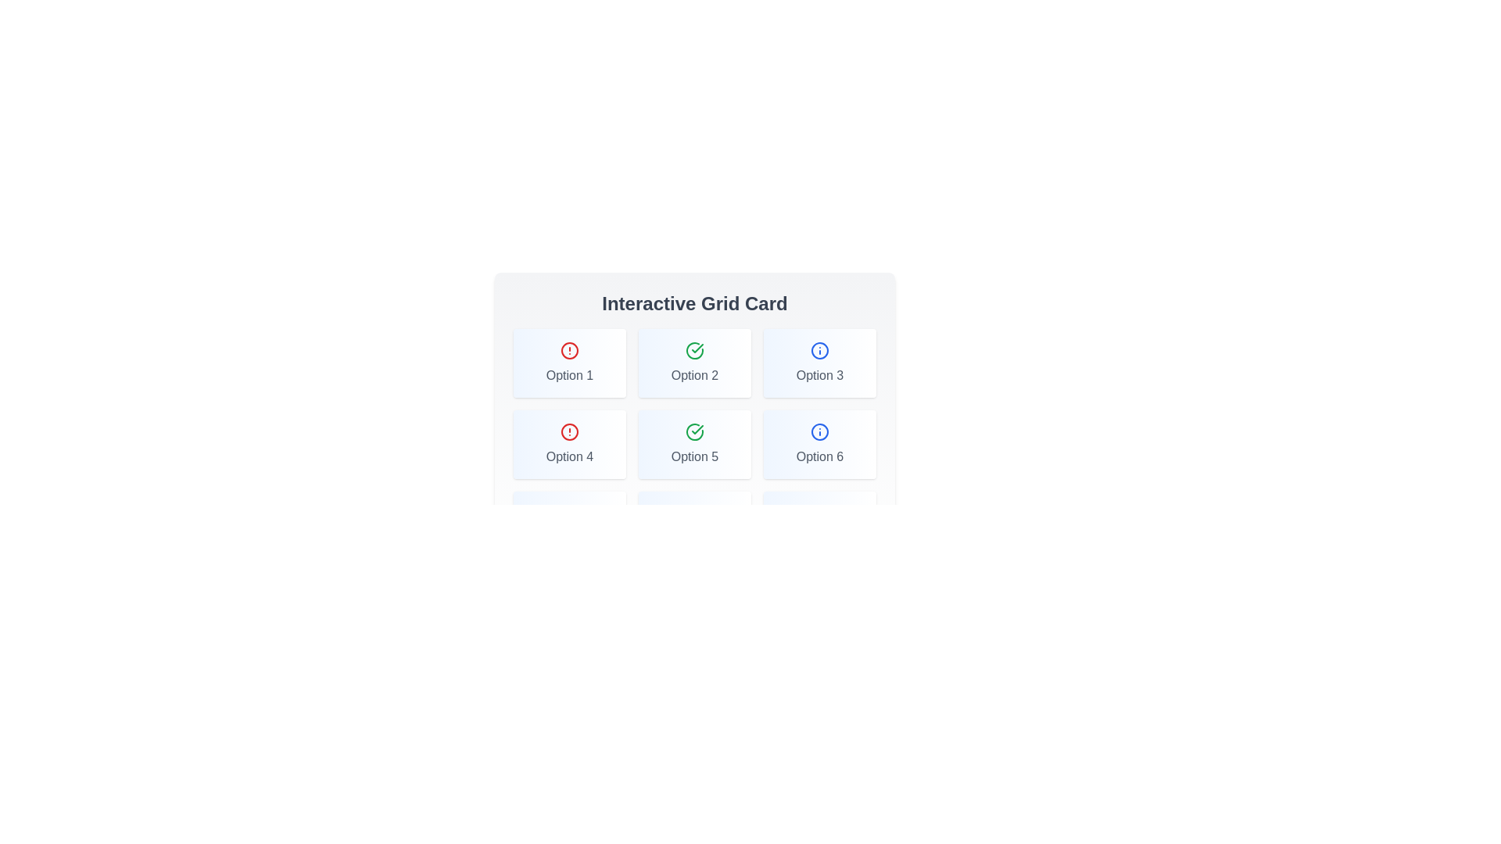  I want to click on the green circular icon with a checkmark located in the middle column of the second row in the 3x2 grid layout, corresponding to 'Option 5', so click(693, 431).